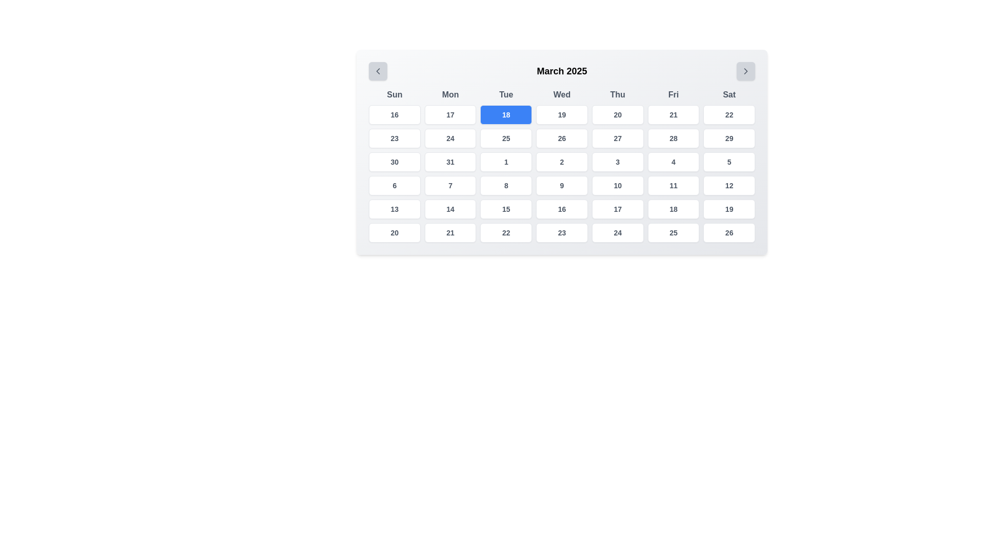 The image size is (985, 554). Describe the element at coordinates (561, 186) in the screenshot. I see `the Calendar Date Button representing the '9th' day of the month, located in the fourth row under the 'Wed' column header` at that location.